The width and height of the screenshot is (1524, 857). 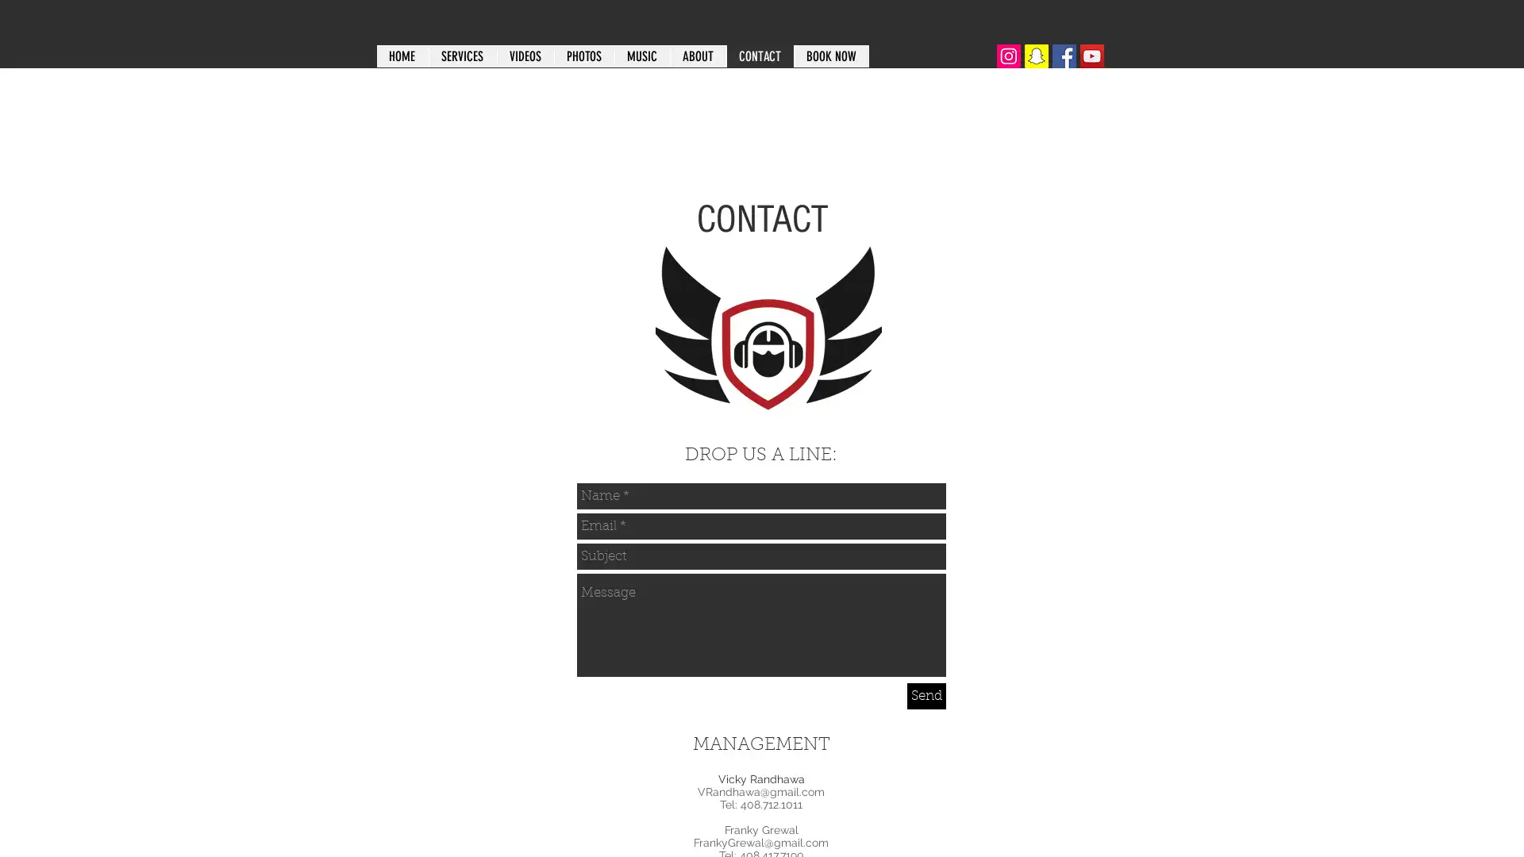 What do you see at coordinates (926, 695) in the screenshot?
I see `Send` at bounding box center [926, 695].